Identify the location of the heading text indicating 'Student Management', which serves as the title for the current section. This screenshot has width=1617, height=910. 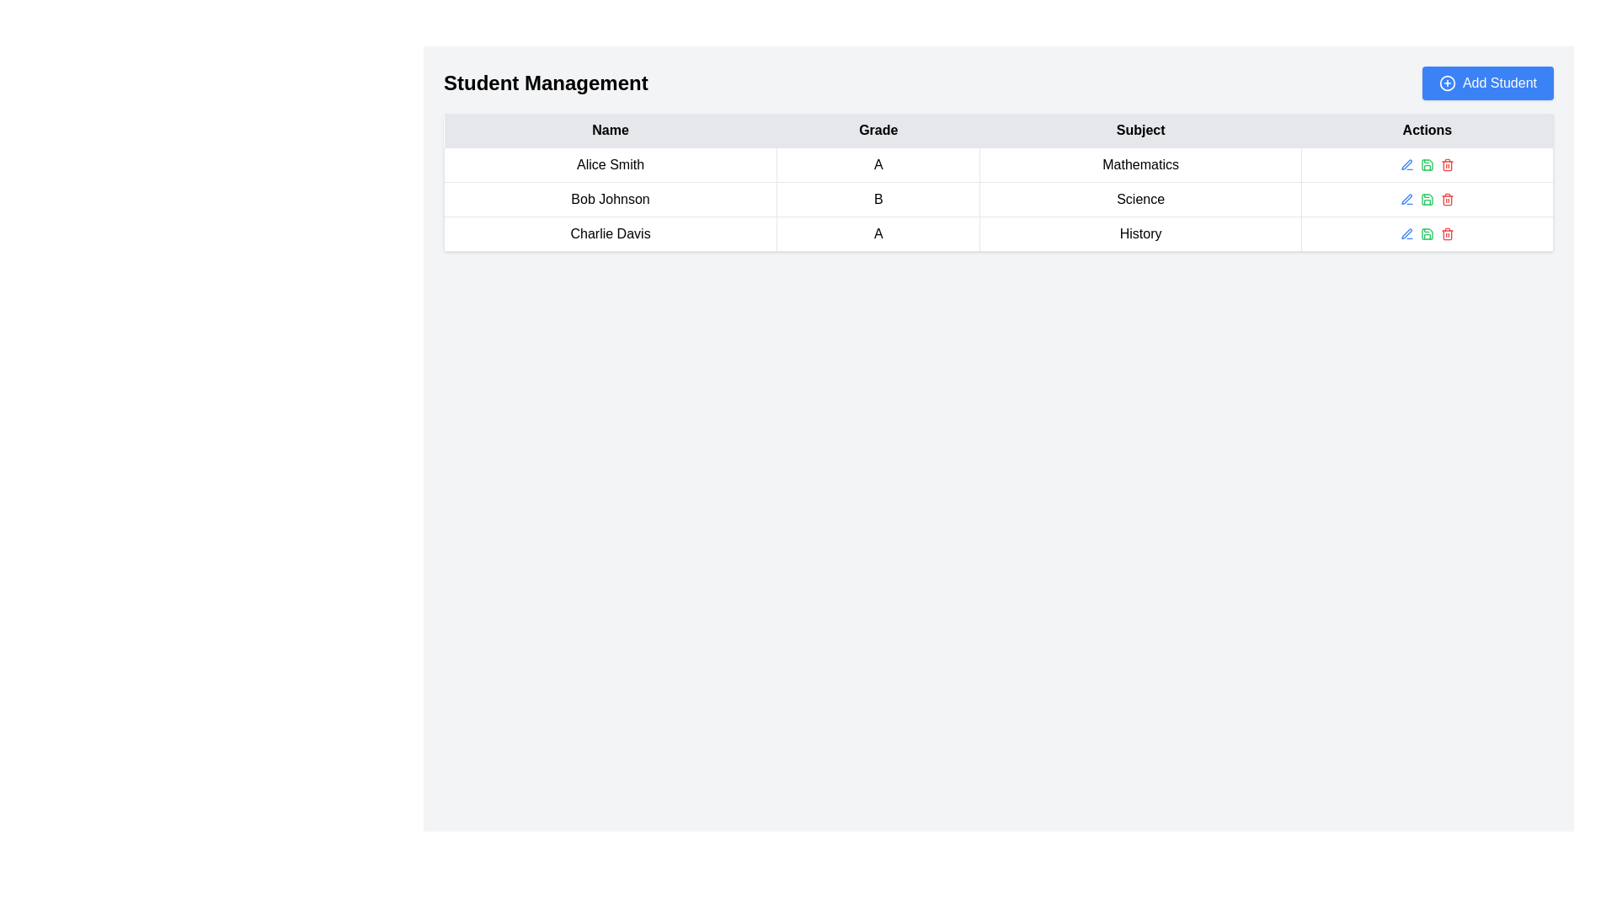
(546, 83).